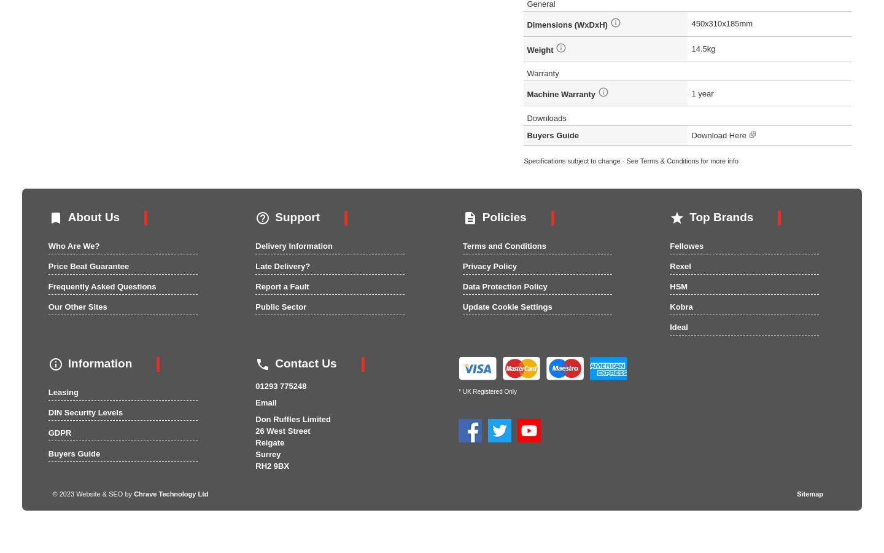 Image resolution: width=884 pixels, height=553 pixels. I want to click on 'Download Here', so click(719, 135).